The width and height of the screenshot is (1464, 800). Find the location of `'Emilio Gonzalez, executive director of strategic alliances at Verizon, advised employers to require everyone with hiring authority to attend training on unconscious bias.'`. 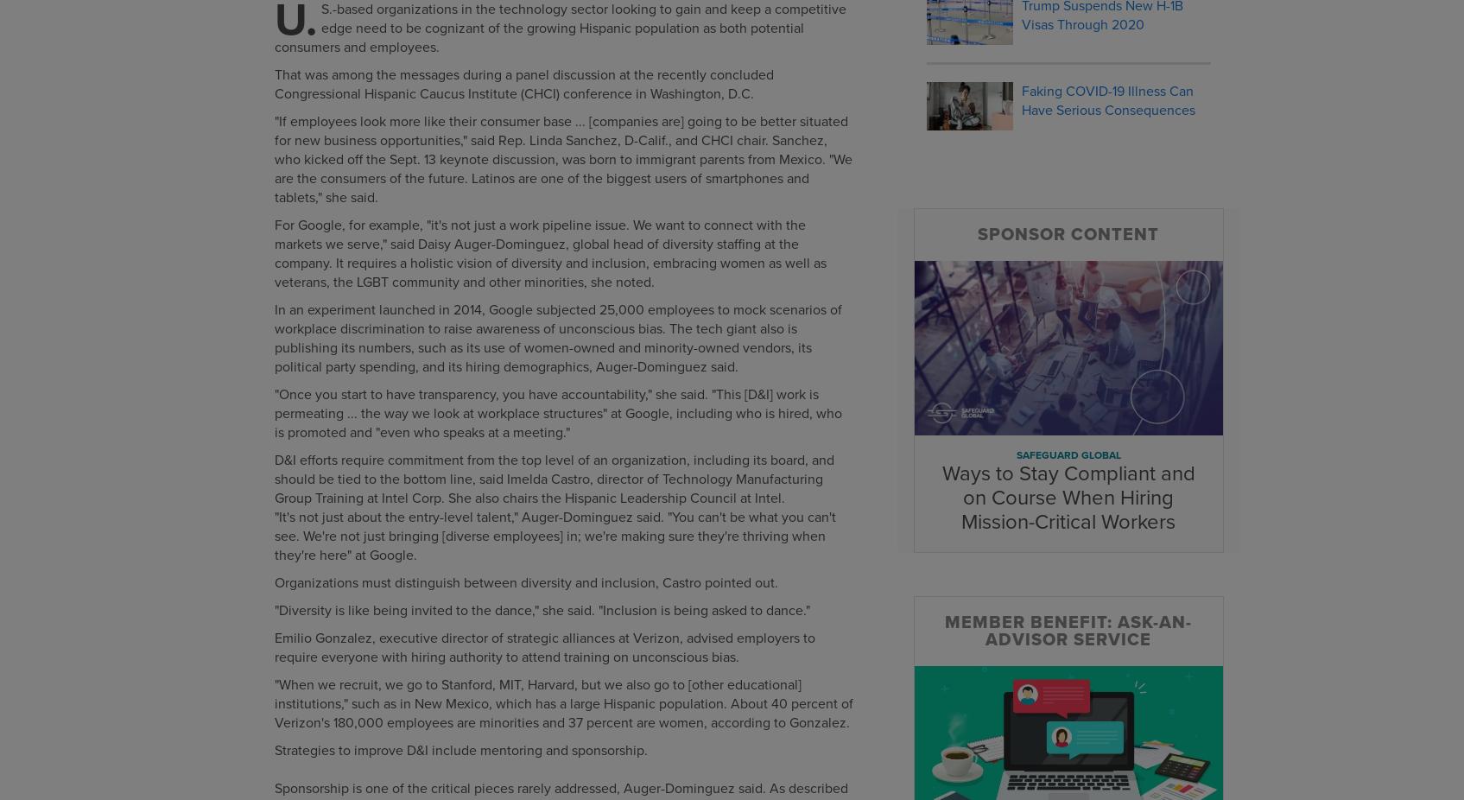

'Emilio Gonzalez, executive director of strategic alliances at Verizon, advised employers to require everyone with hiring authority to attend training on unconscious bias.' is located at coordinates (273, 647).